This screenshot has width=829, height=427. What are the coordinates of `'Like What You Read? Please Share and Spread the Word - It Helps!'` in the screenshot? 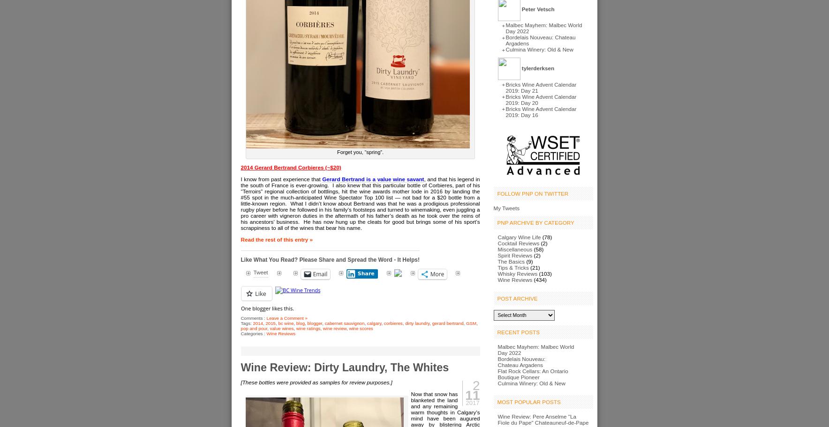 It's located at (330, 260).